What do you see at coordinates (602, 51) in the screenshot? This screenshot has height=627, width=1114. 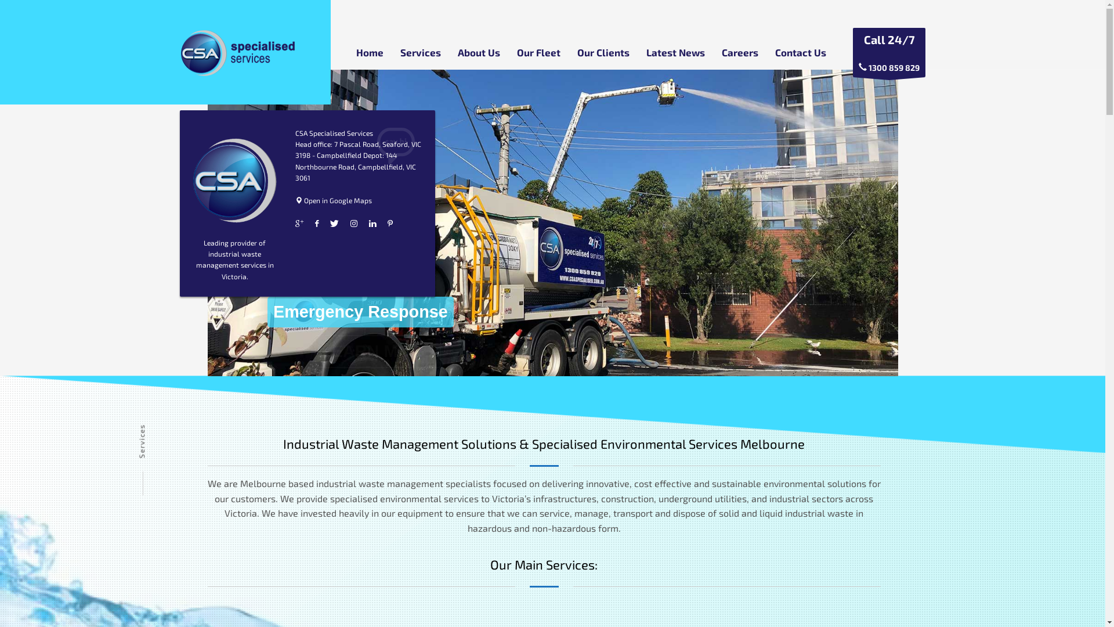 I see `'Our Clients'` at bounding box center [602, 51].